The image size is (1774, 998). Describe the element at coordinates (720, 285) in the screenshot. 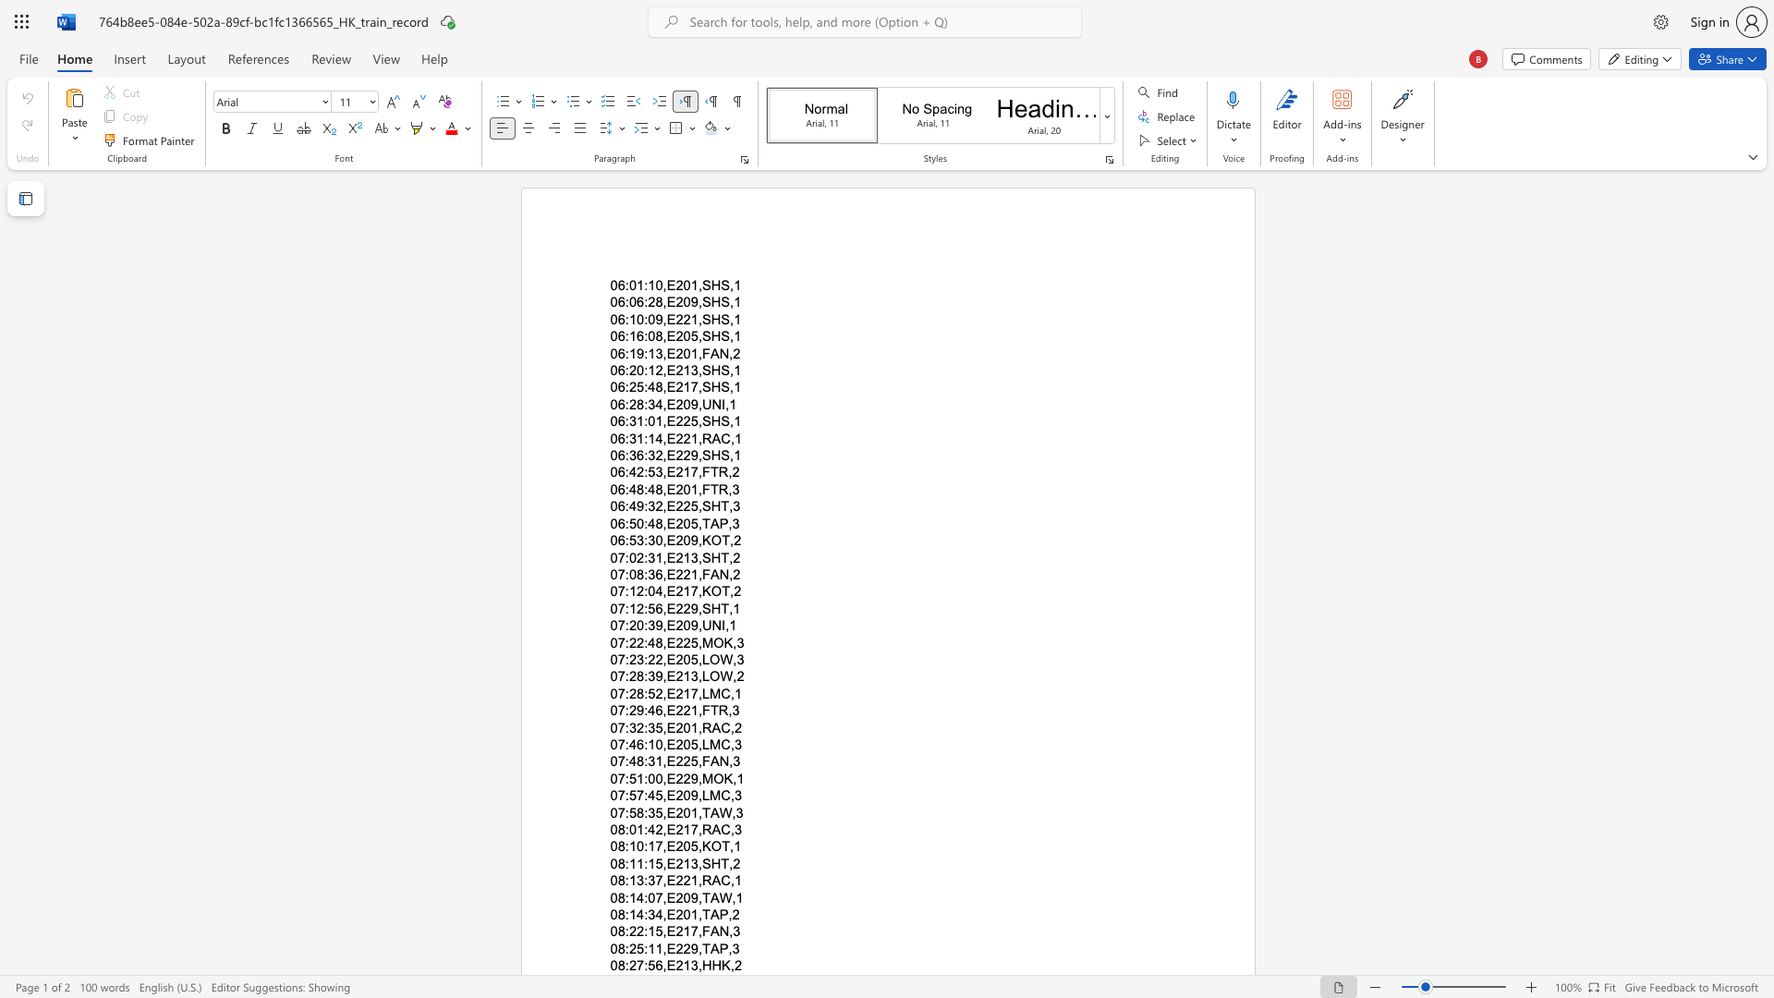

I see `the space between the continuous character "H" and "S" in the text` at that location.